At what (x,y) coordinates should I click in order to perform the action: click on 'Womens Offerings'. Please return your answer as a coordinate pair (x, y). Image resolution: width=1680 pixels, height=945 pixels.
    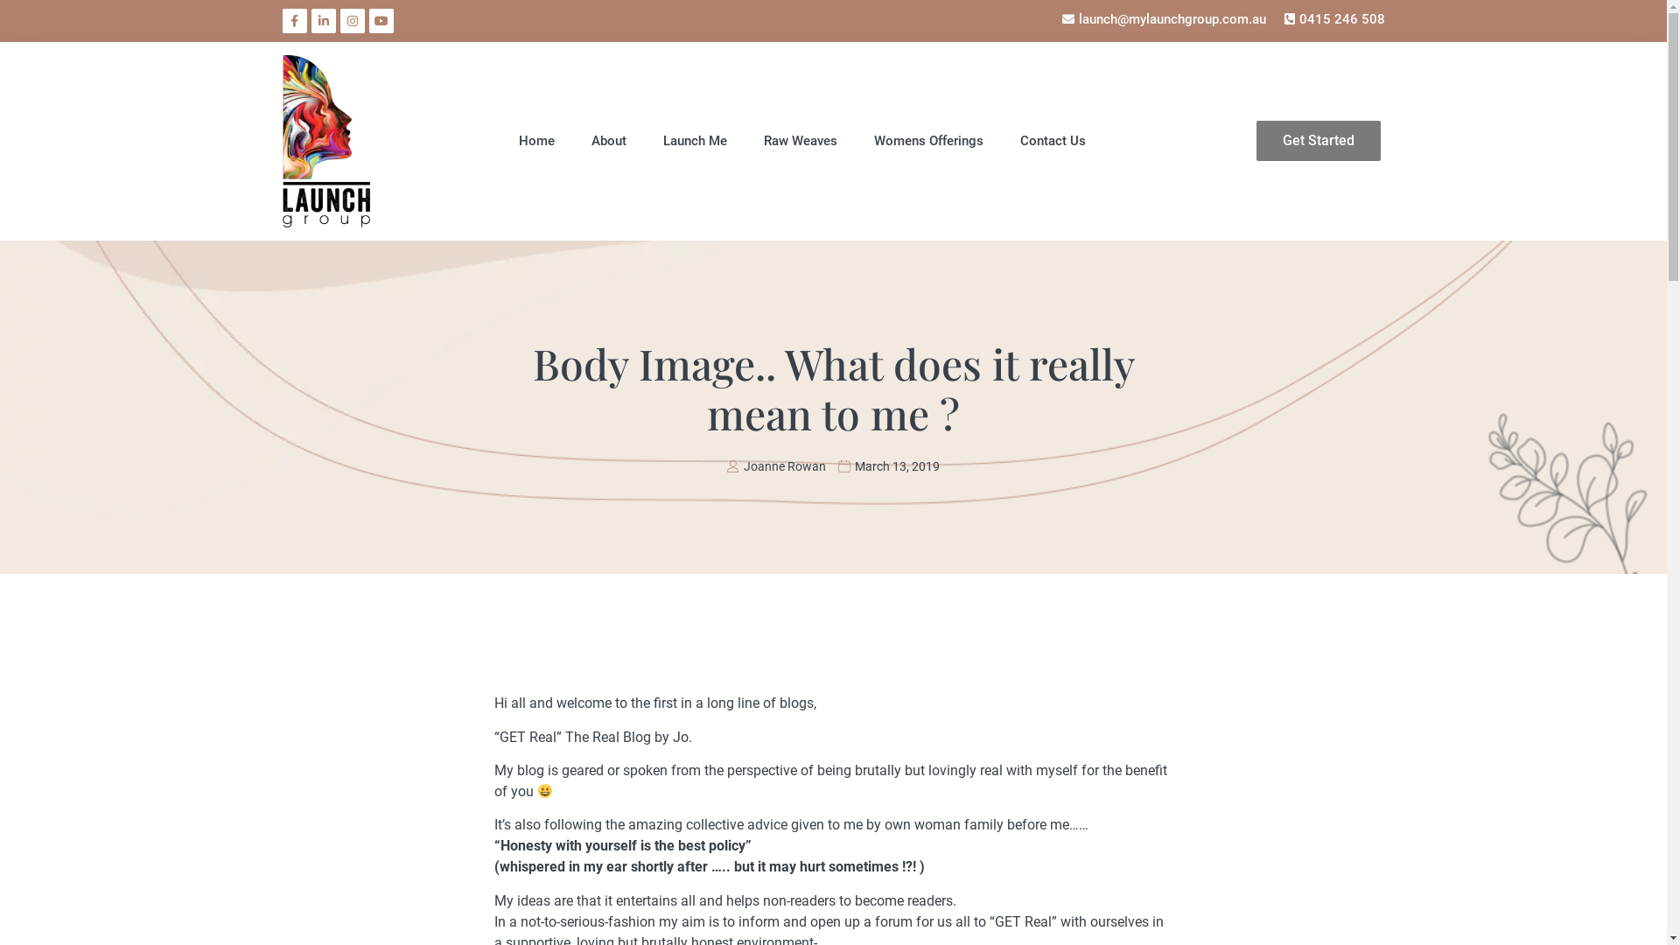
    Looking at the image, I should click on (873, 140).